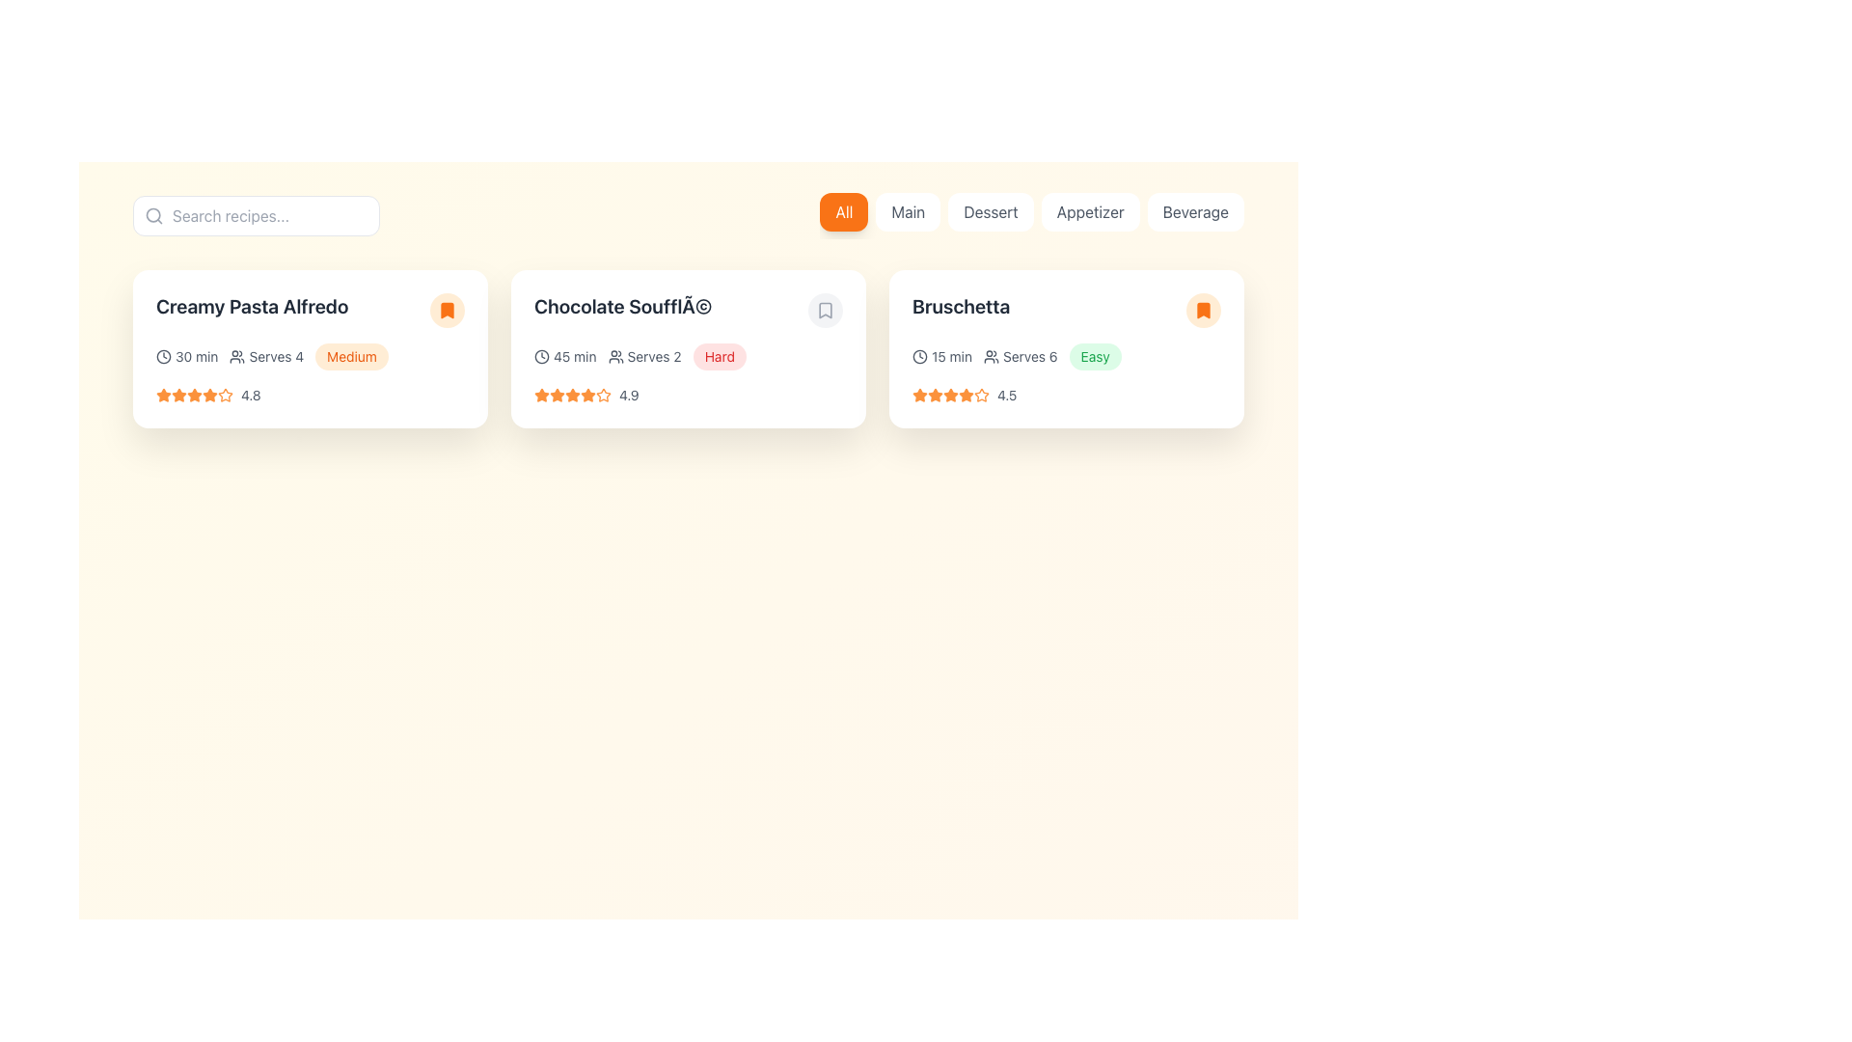  I want to click on the 'Appetizer' button, which is a rectangular button with a white background and gray text, to change its background color with an orange highlight, so click(1090, 211).